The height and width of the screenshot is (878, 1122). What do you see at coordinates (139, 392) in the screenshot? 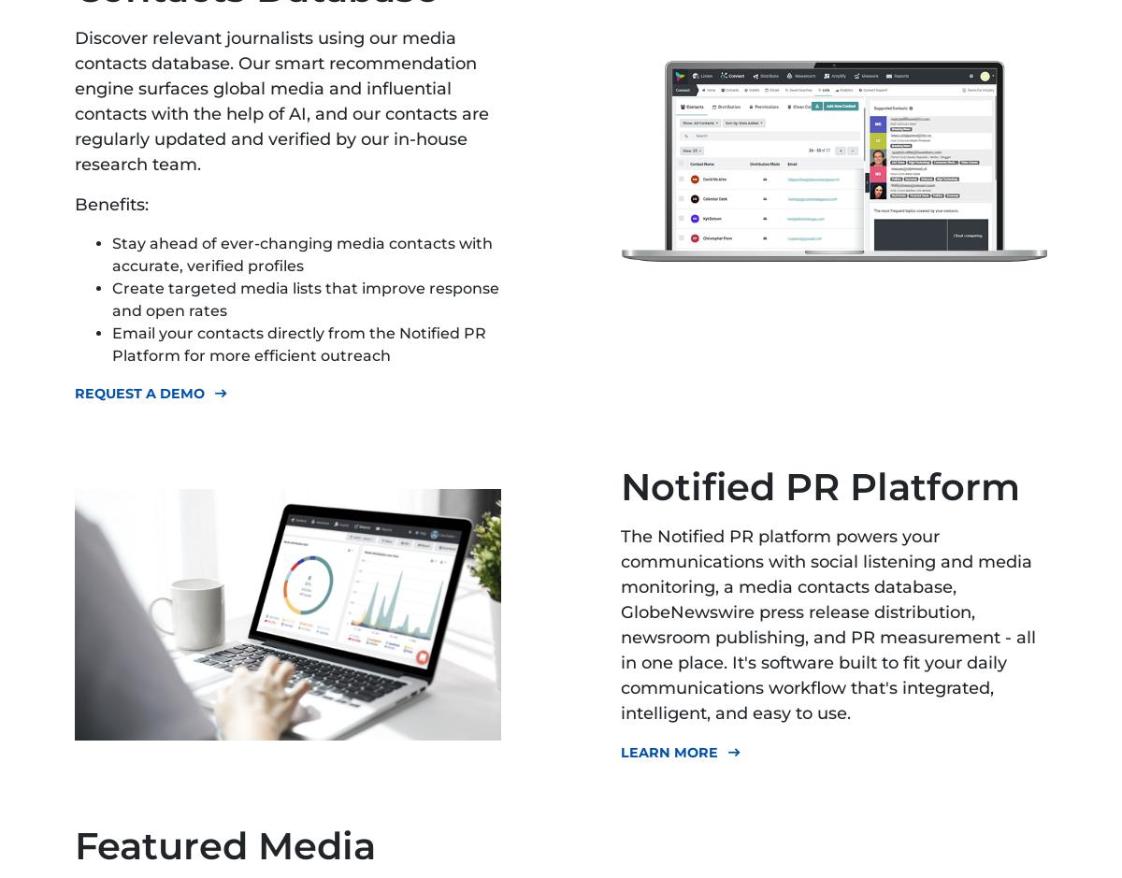
I see `'Request A Demo'` at bounding box center [139, 392].